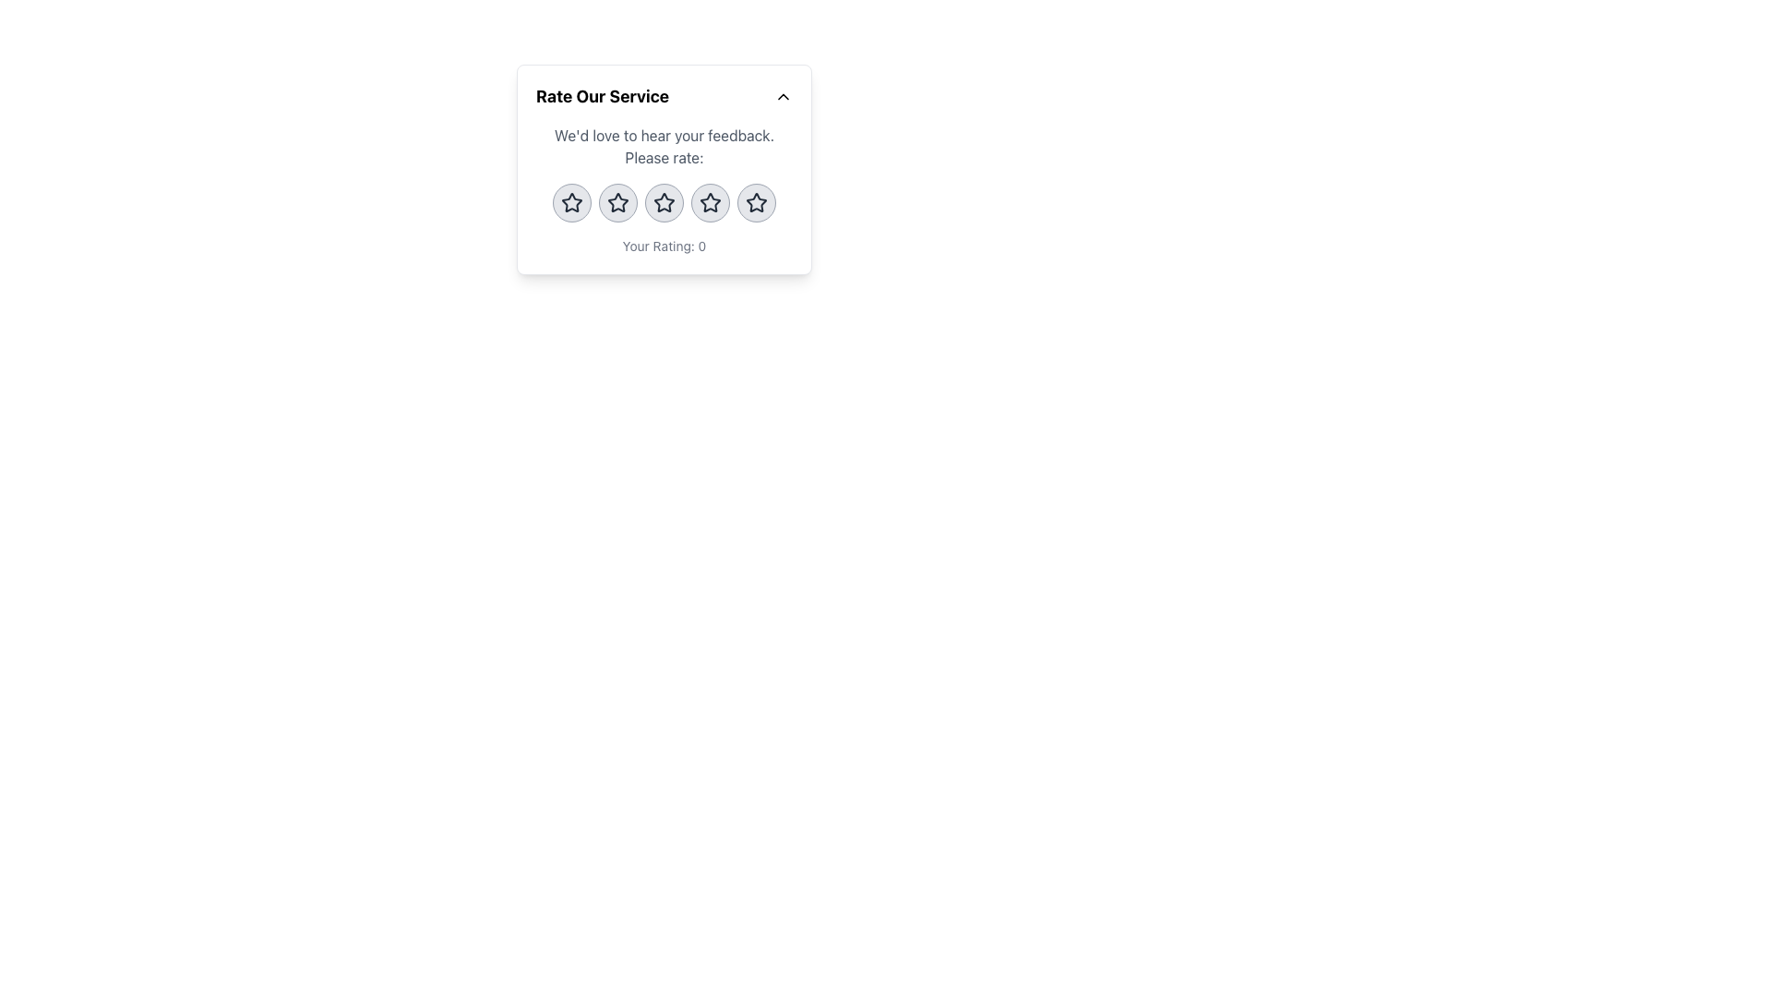  What do you see at coordinates (709, 202) in the screenshot?
I see `the third star icon in the 'Rate Our Service' panel to assign a middle rating value` at bounding box center [709, 202].